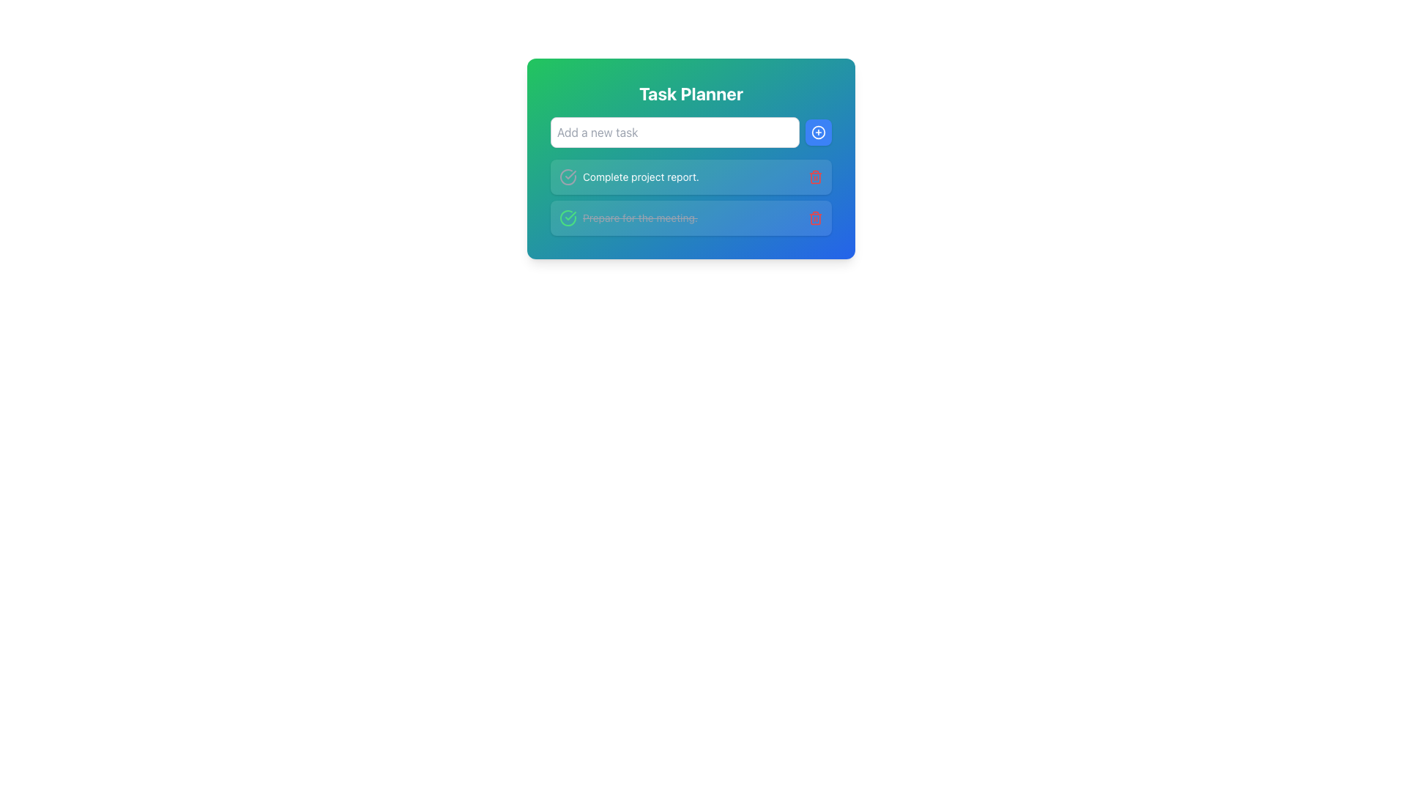 The height and width of the screenshot is (791, 1406). I want to click on the central circle of the SVG 'plus' icon, which is used for adding new items in the task planner interface, so click(818, 133).